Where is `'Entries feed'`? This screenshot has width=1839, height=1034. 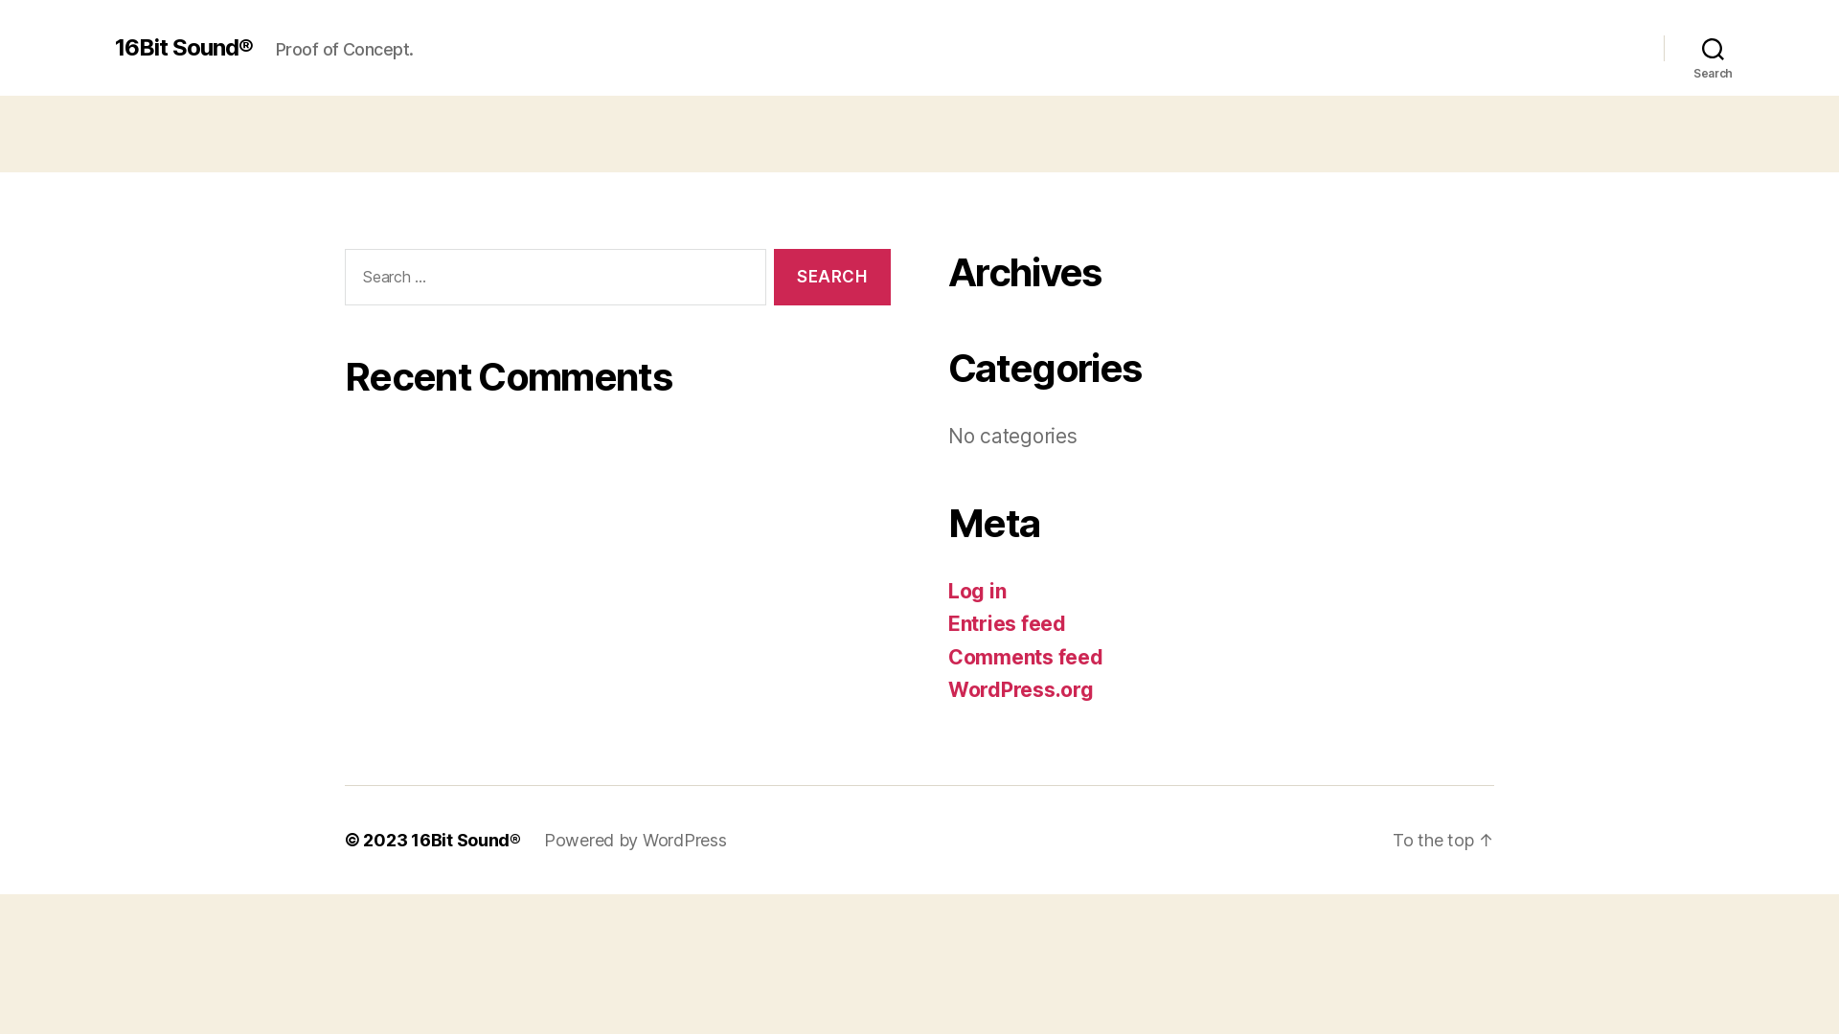
'Entries feed' is located at coordinates (1006, 623).